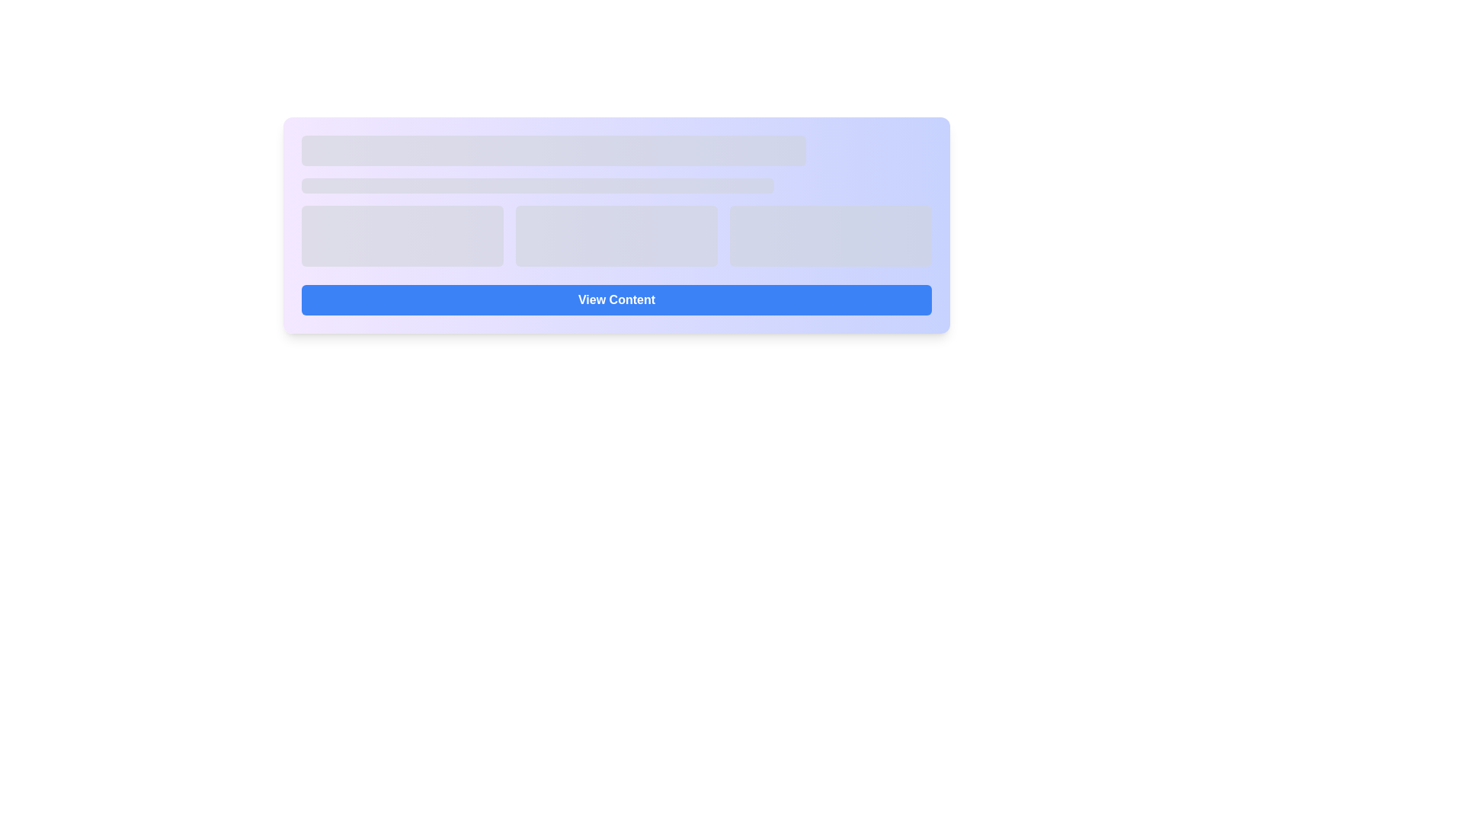 The image size is (1463, 823). What do you see at coordinates (616, 235) in the screenshot?
I see `the skeleton loading placeholder with a light gray background and rounded corners, which is the middle element in a row of three placeholders in a grid layout` at bounding box center [616, 235].